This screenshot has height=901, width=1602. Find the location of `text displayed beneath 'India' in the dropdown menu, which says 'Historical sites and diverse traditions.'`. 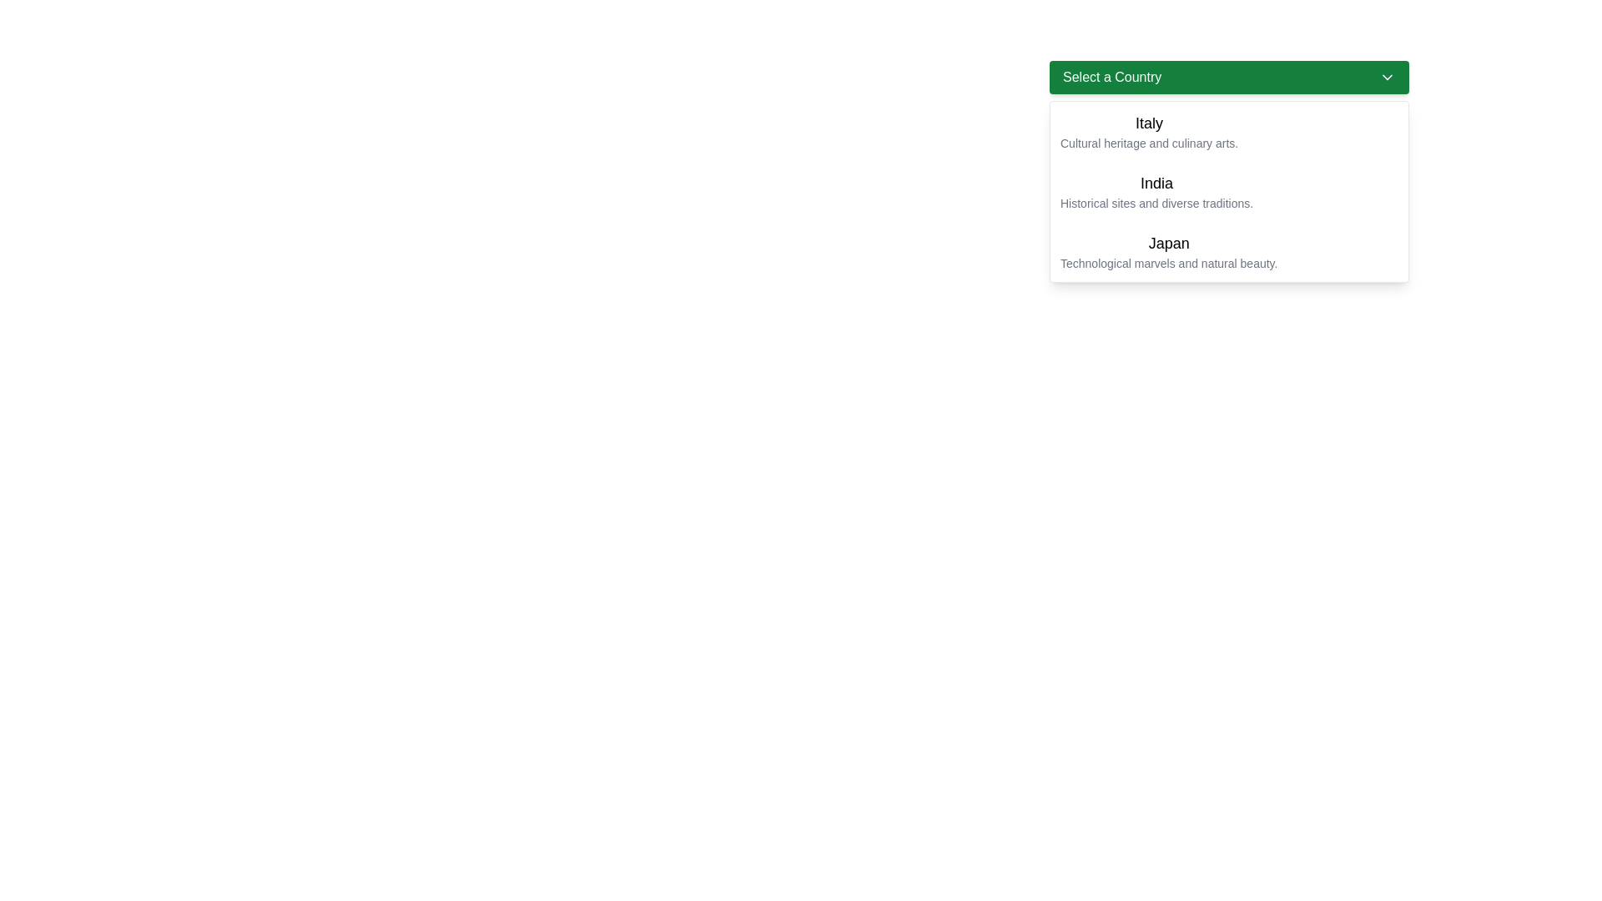

text displayed beneath 'India' in the dropdown menu, which says 'Historical sites and diverse traditions.' is located at coordinates (1156, 202).